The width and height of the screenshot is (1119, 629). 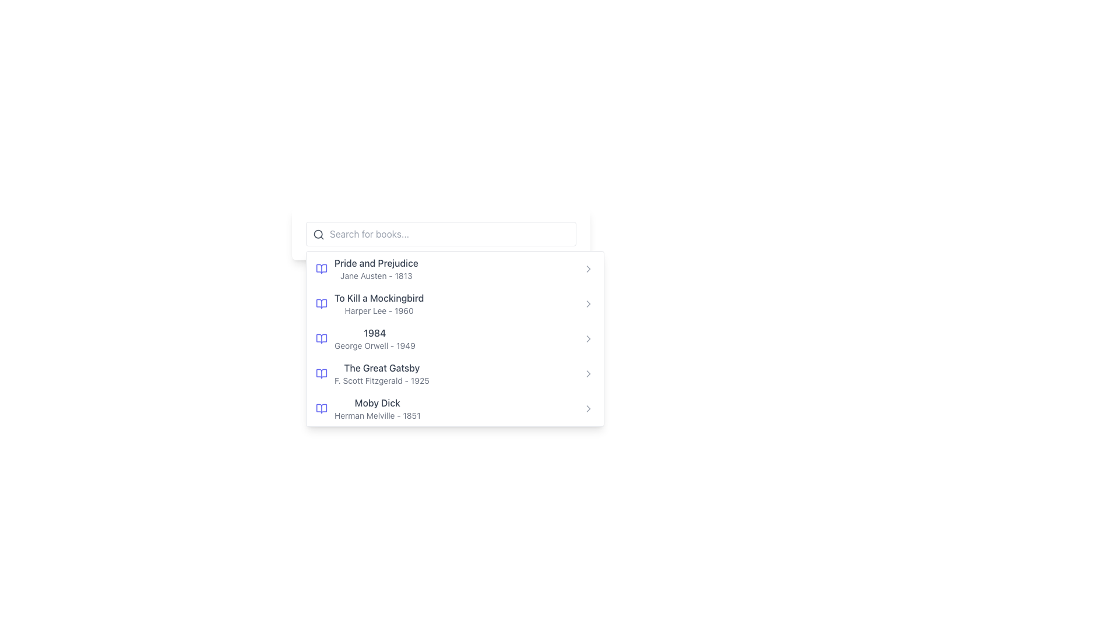 I want to click on the search icon located at the top-left corner of the search input field group to initiate a search action, so click(x=319, y=234).